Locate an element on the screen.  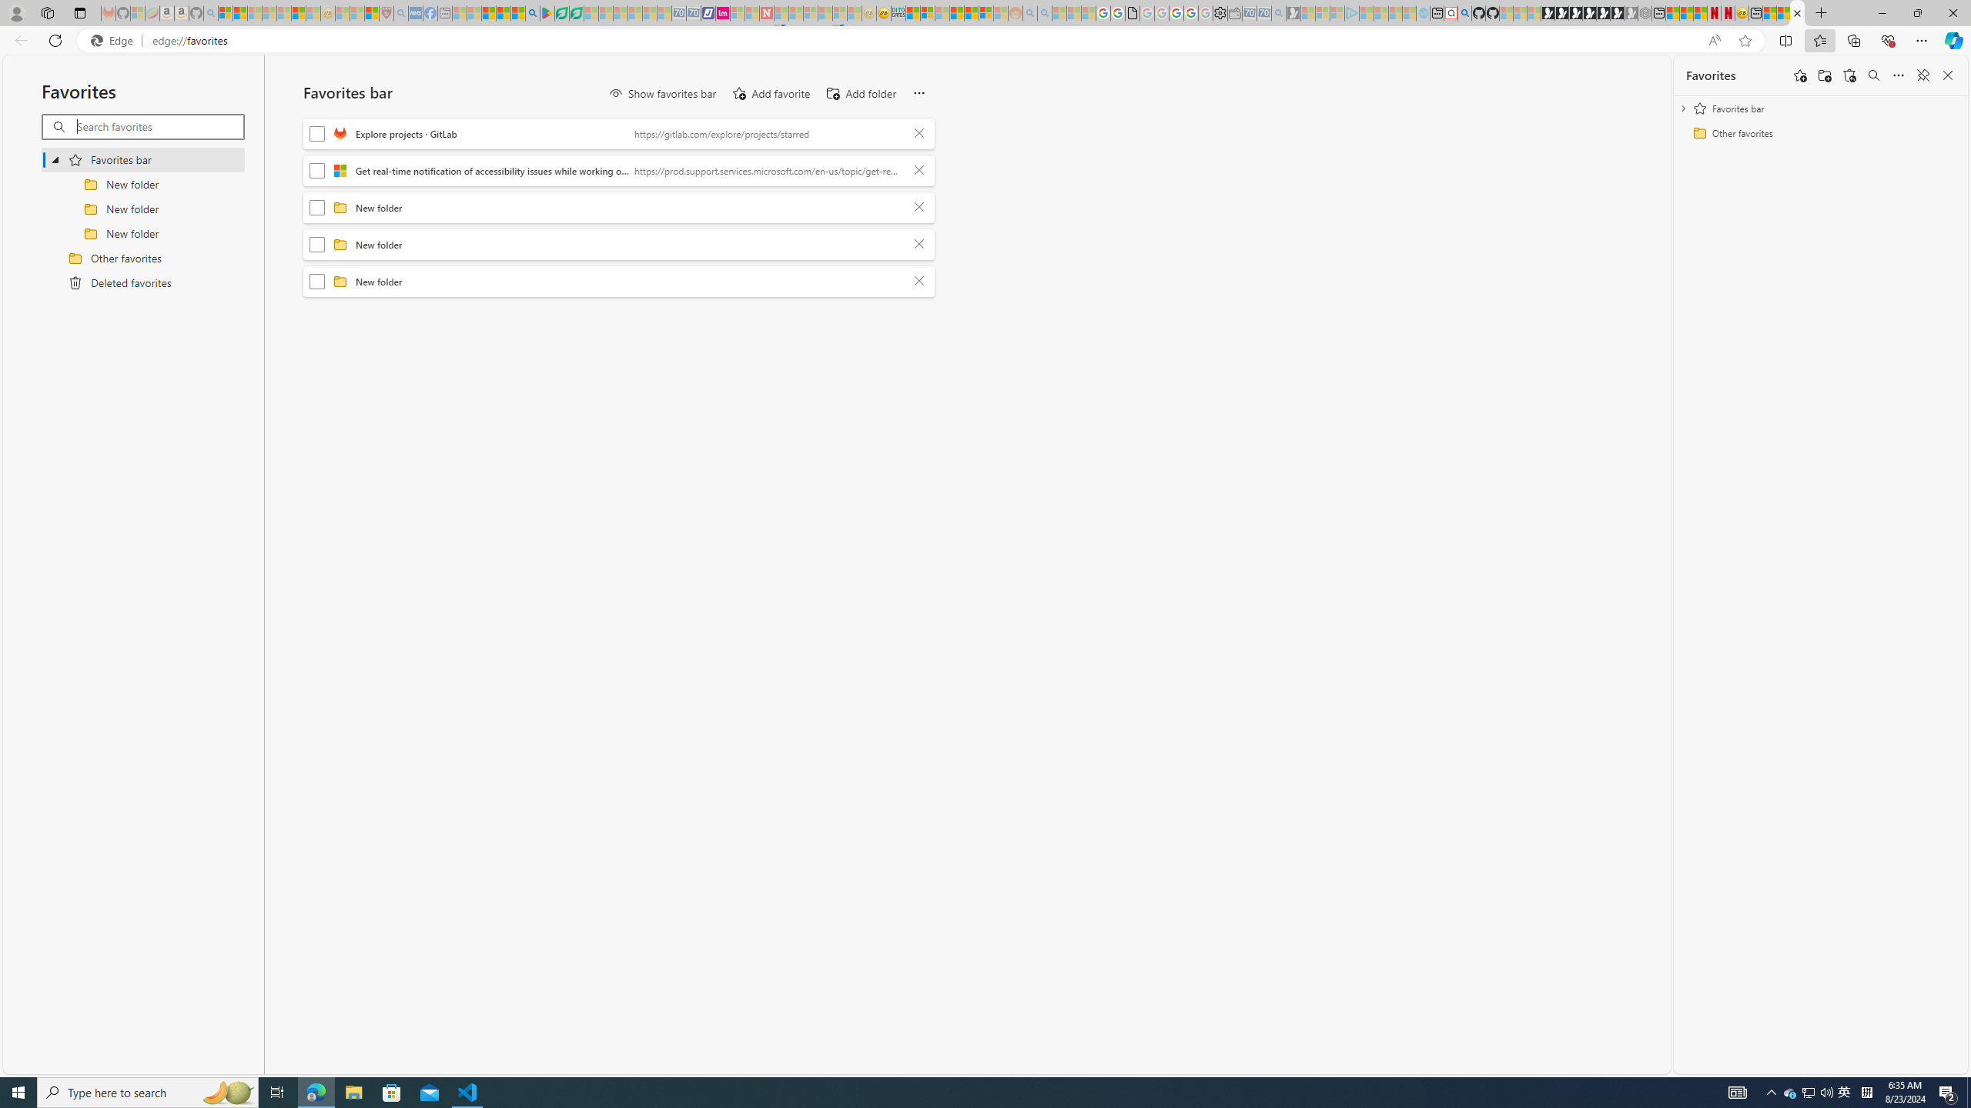
'google_privacy_policy_zh-CN.pdf' is located at coordinates (1133, 12).